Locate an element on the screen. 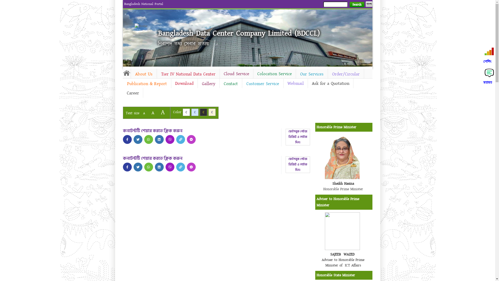 The width and height of the screenshot is (499, 281). 'Order/Circular' is located at coordinates (346, 74).